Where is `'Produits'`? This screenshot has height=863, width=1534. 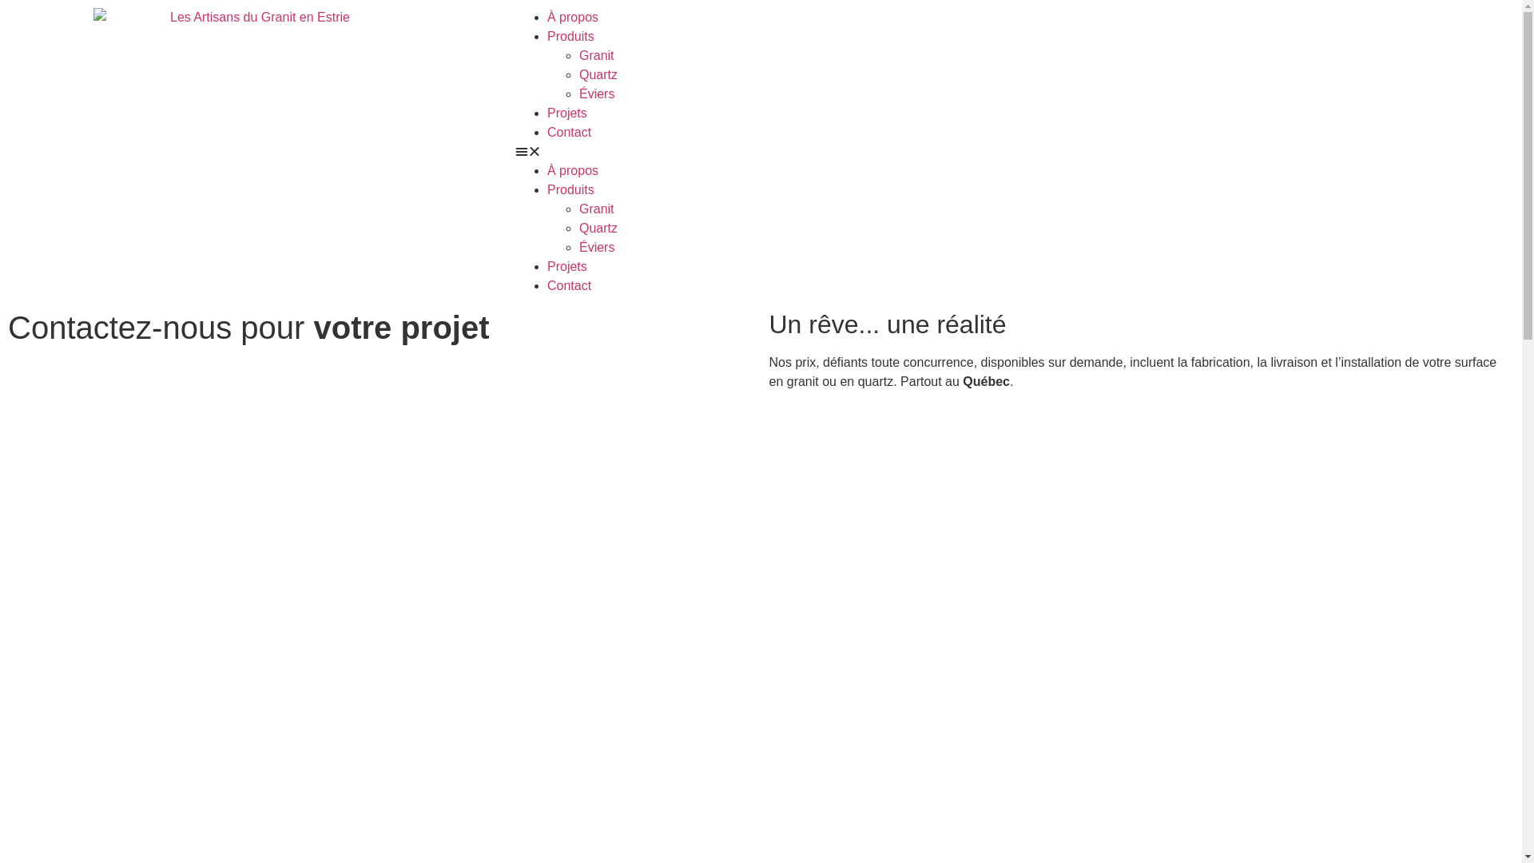
'Produits' is located at coordinates (570, 189).